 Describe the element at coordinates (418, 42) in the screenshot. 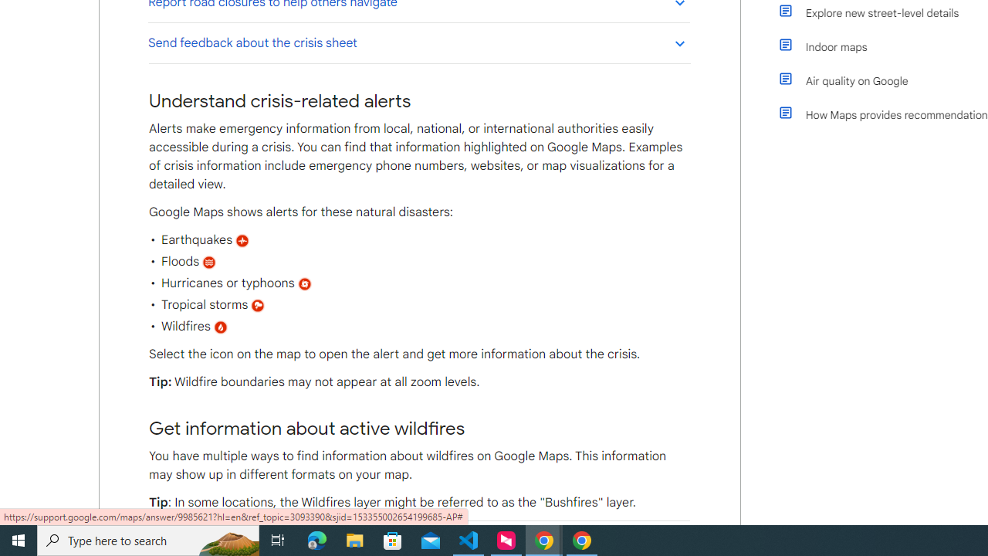

I see `'Send feedback about the crisis sheet'` at that location.